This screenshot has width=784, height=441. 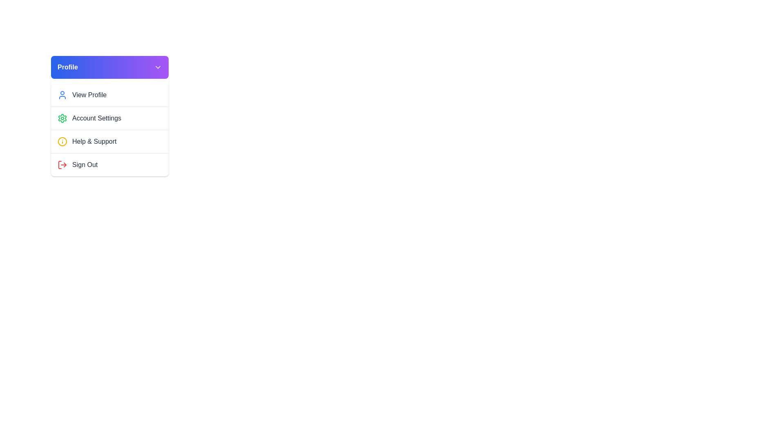 What do you see at coordinates (158, 67) in the screenshot?
I see `the downward-facing chevron icon button located in the 'Profile' header to trigger visual feedback indicating interactivity` at bounding box center [158, 67].